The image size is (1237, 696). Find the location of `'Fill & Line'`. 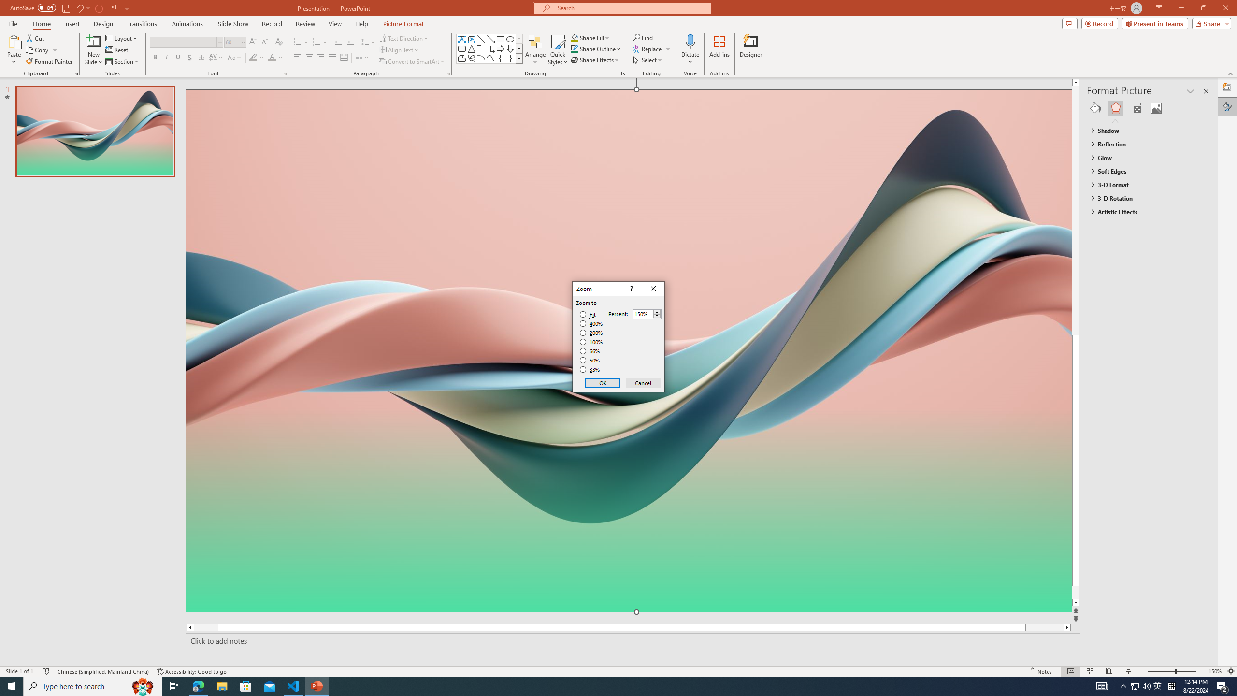

'Fill & Line' is located at coordinates (1095, 107).